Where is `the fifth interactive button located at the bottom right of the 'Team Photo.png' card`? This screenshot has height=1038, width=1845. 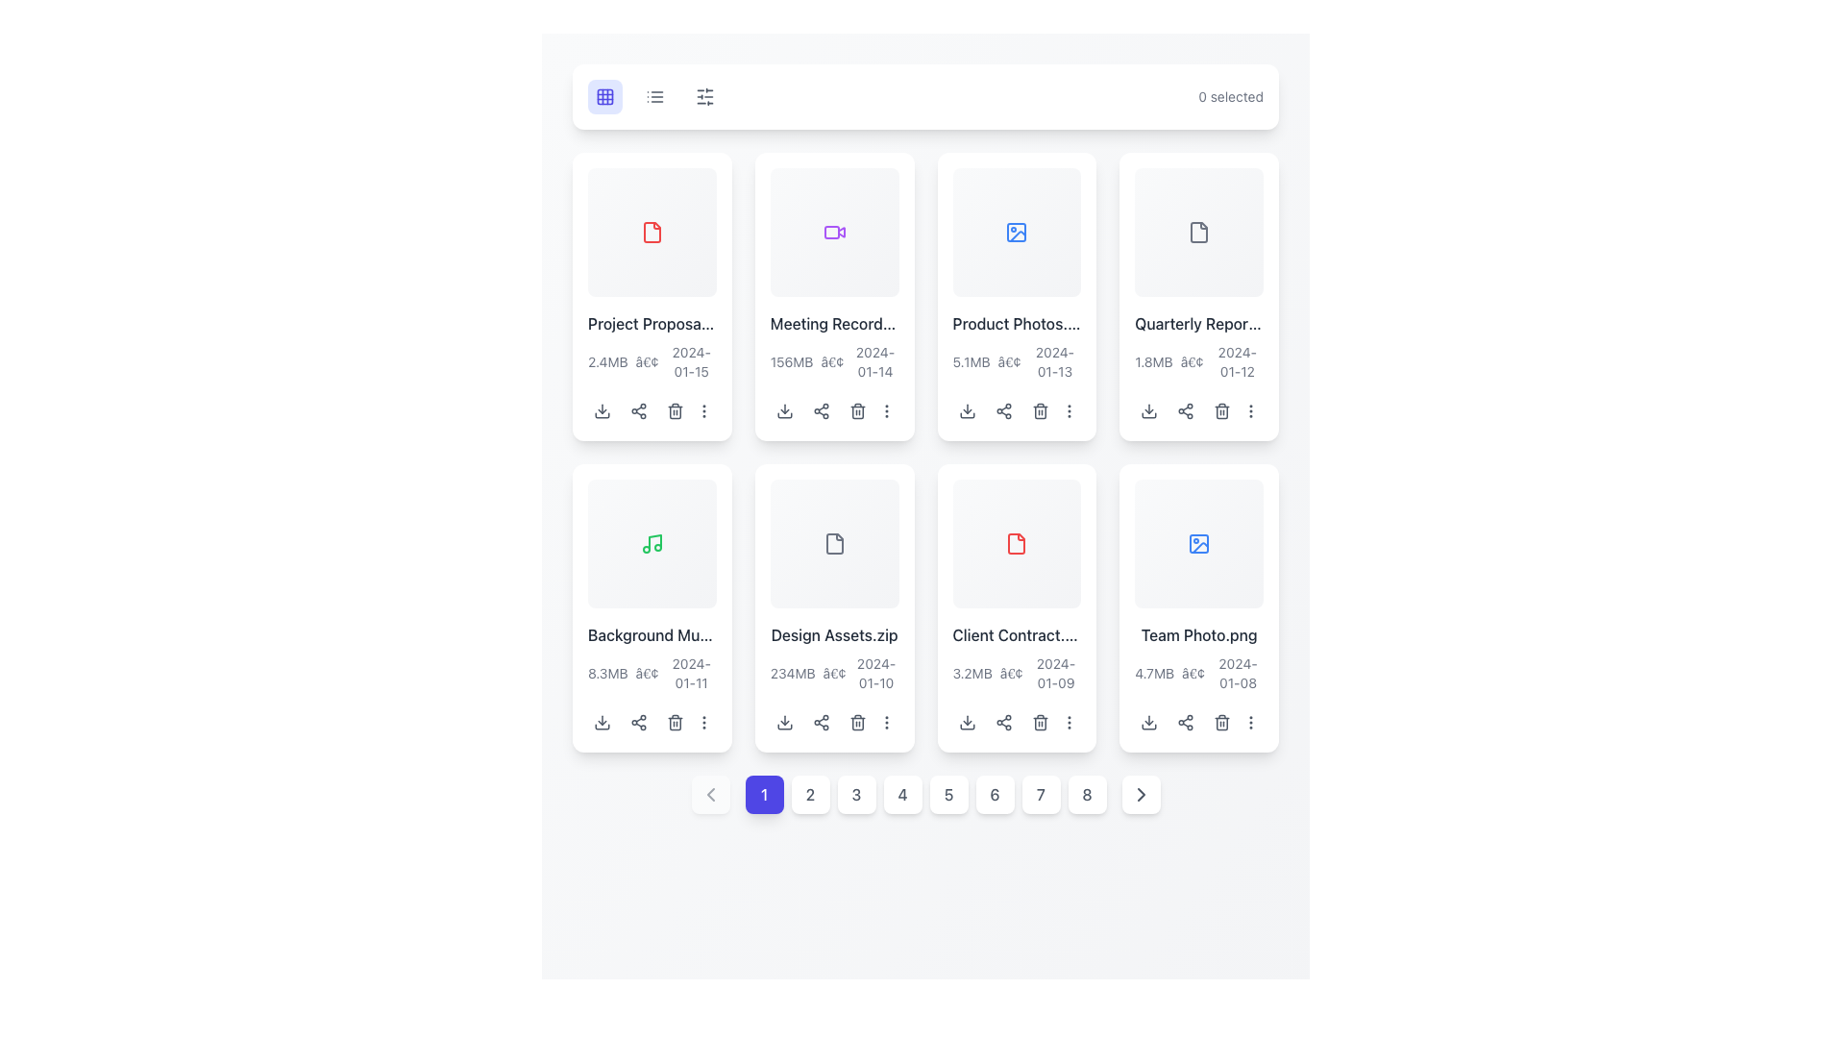 the fifth interactive button located at the bottom right of the 'Team Photo.png' card is located at coordinates (1251, 722).